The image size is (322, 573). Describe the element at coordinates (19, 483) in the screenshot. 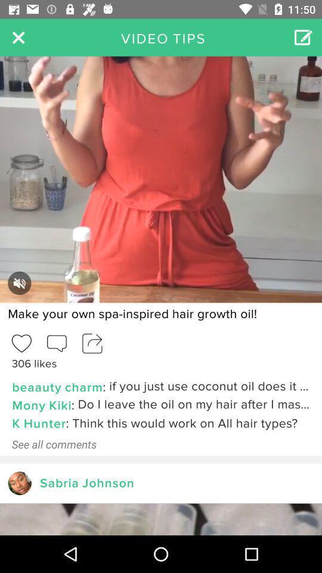

I see `profile page` at that location.